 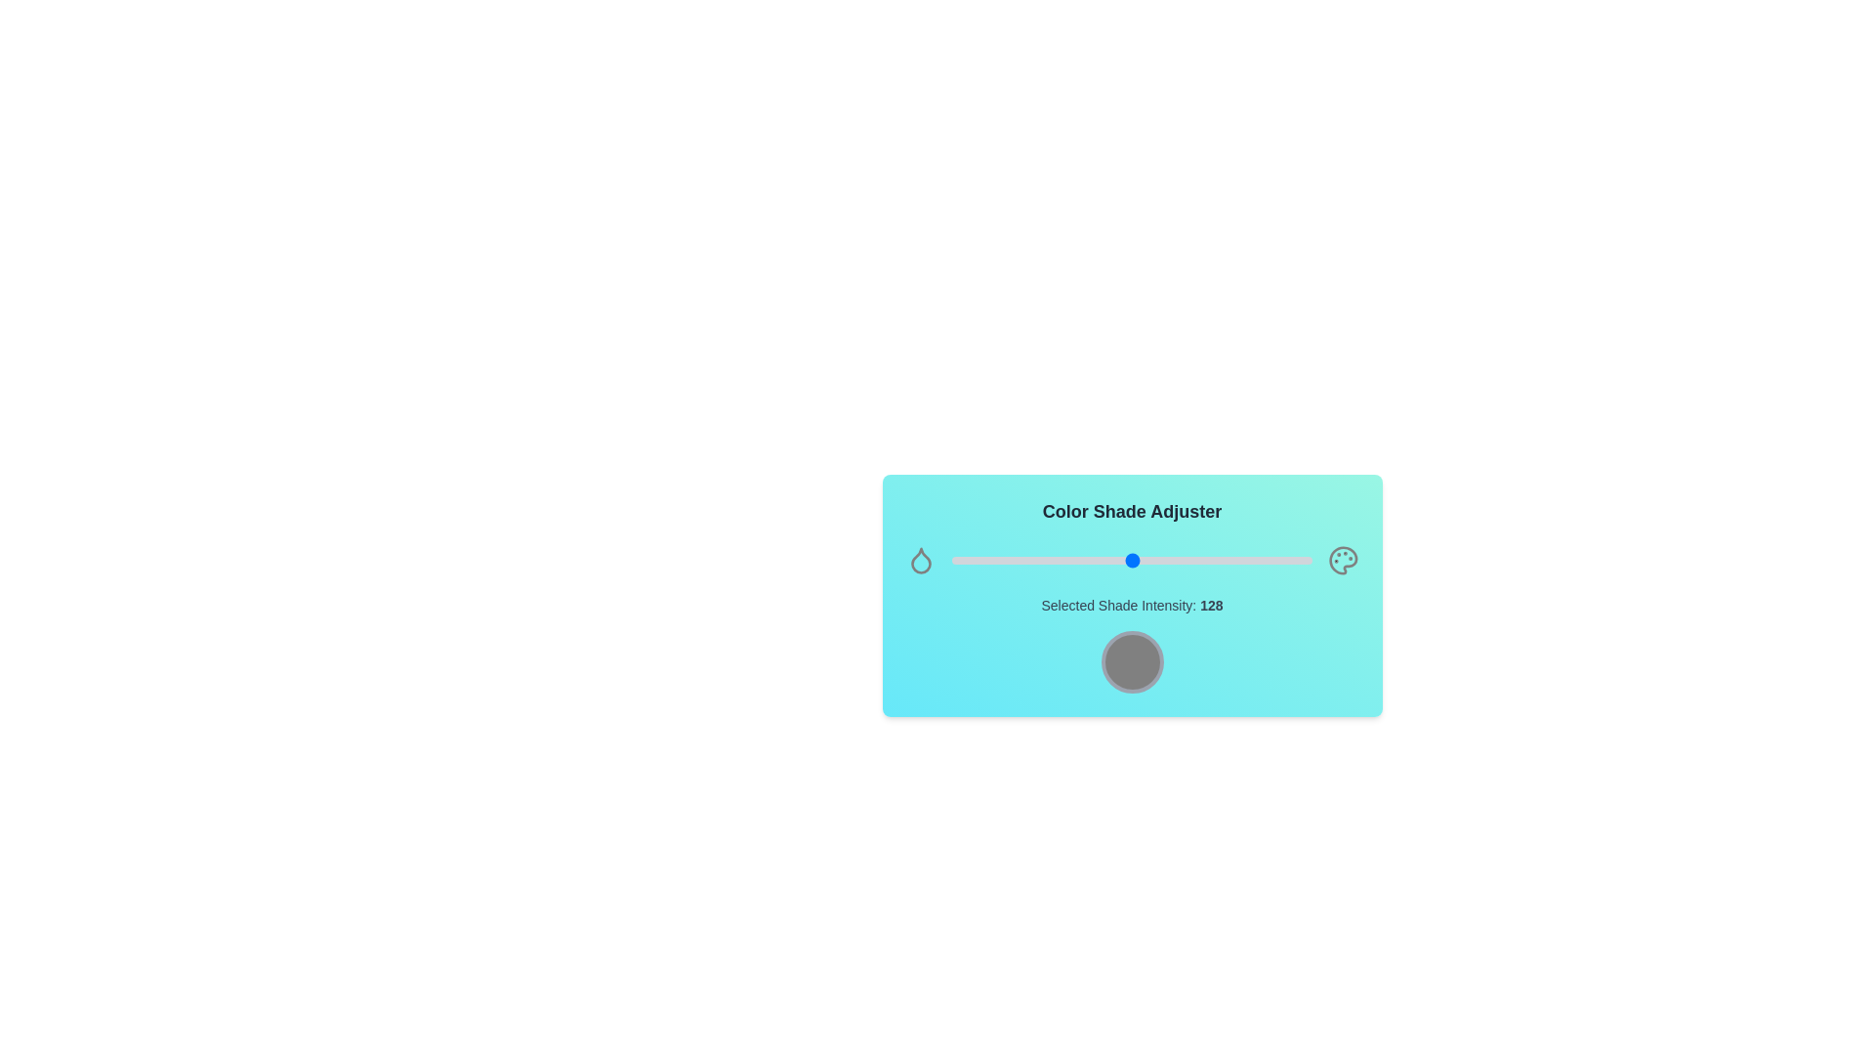 I want to click on the shade intensity to 173 by interacting with the slider, so click(x=1194, y=561).